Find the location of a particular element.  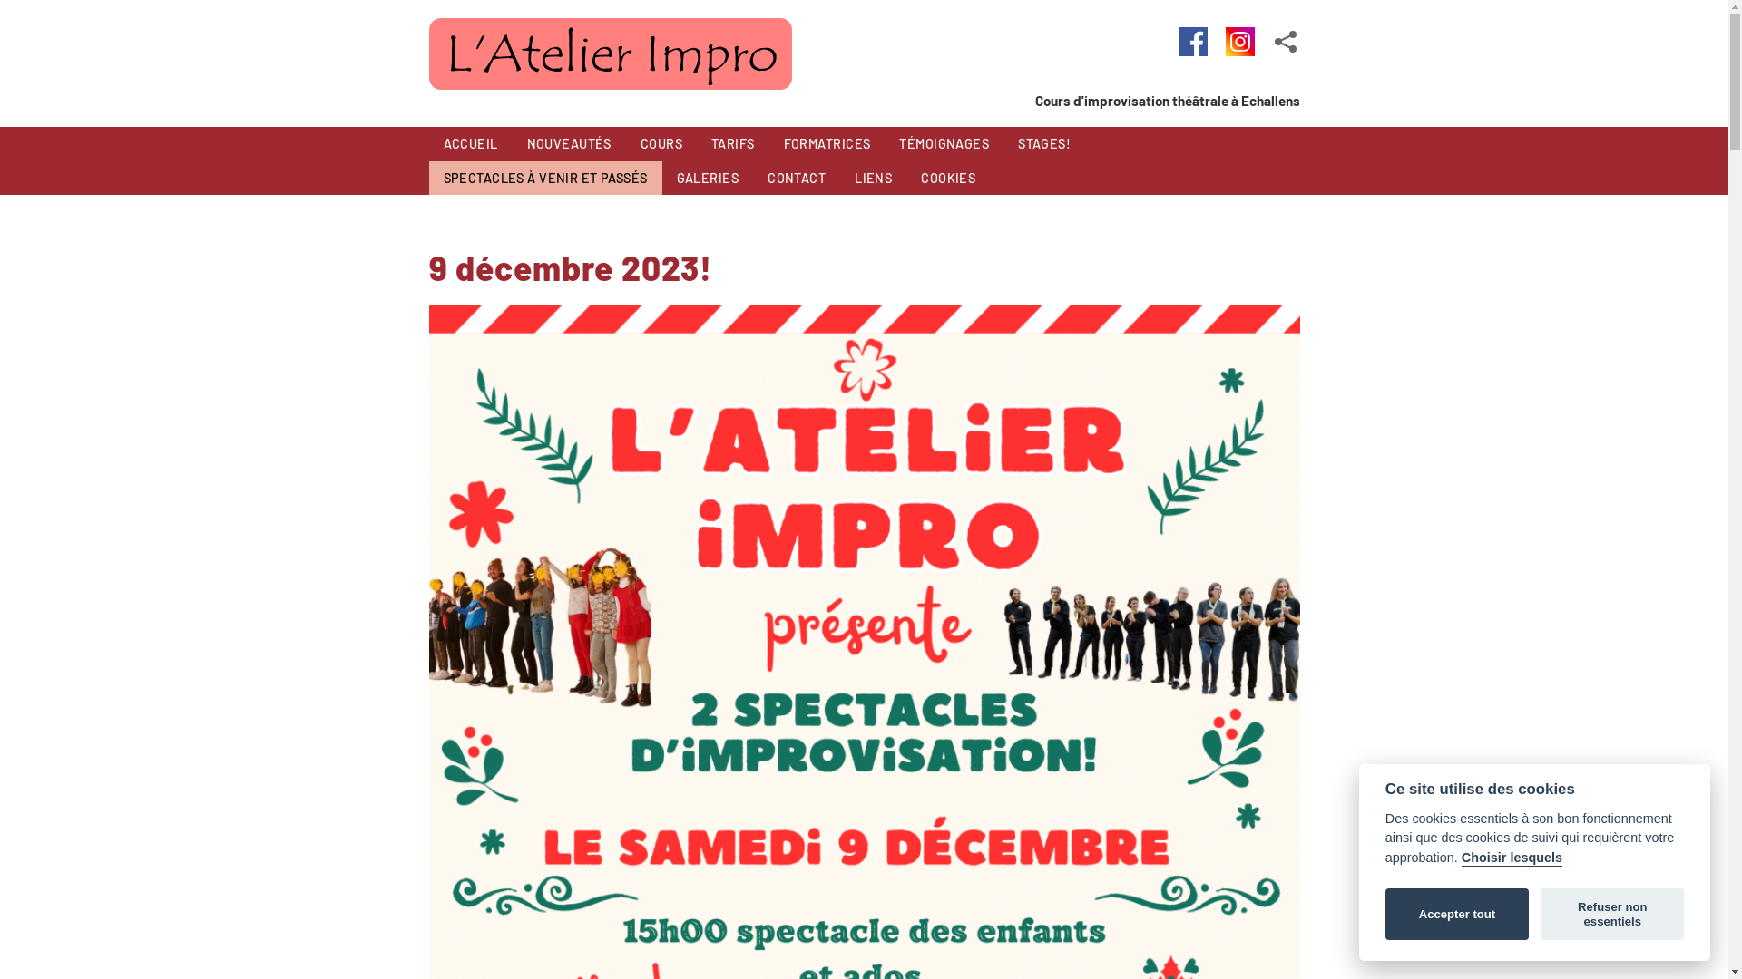

'CONTACT' is located at coordinates (753, 178).